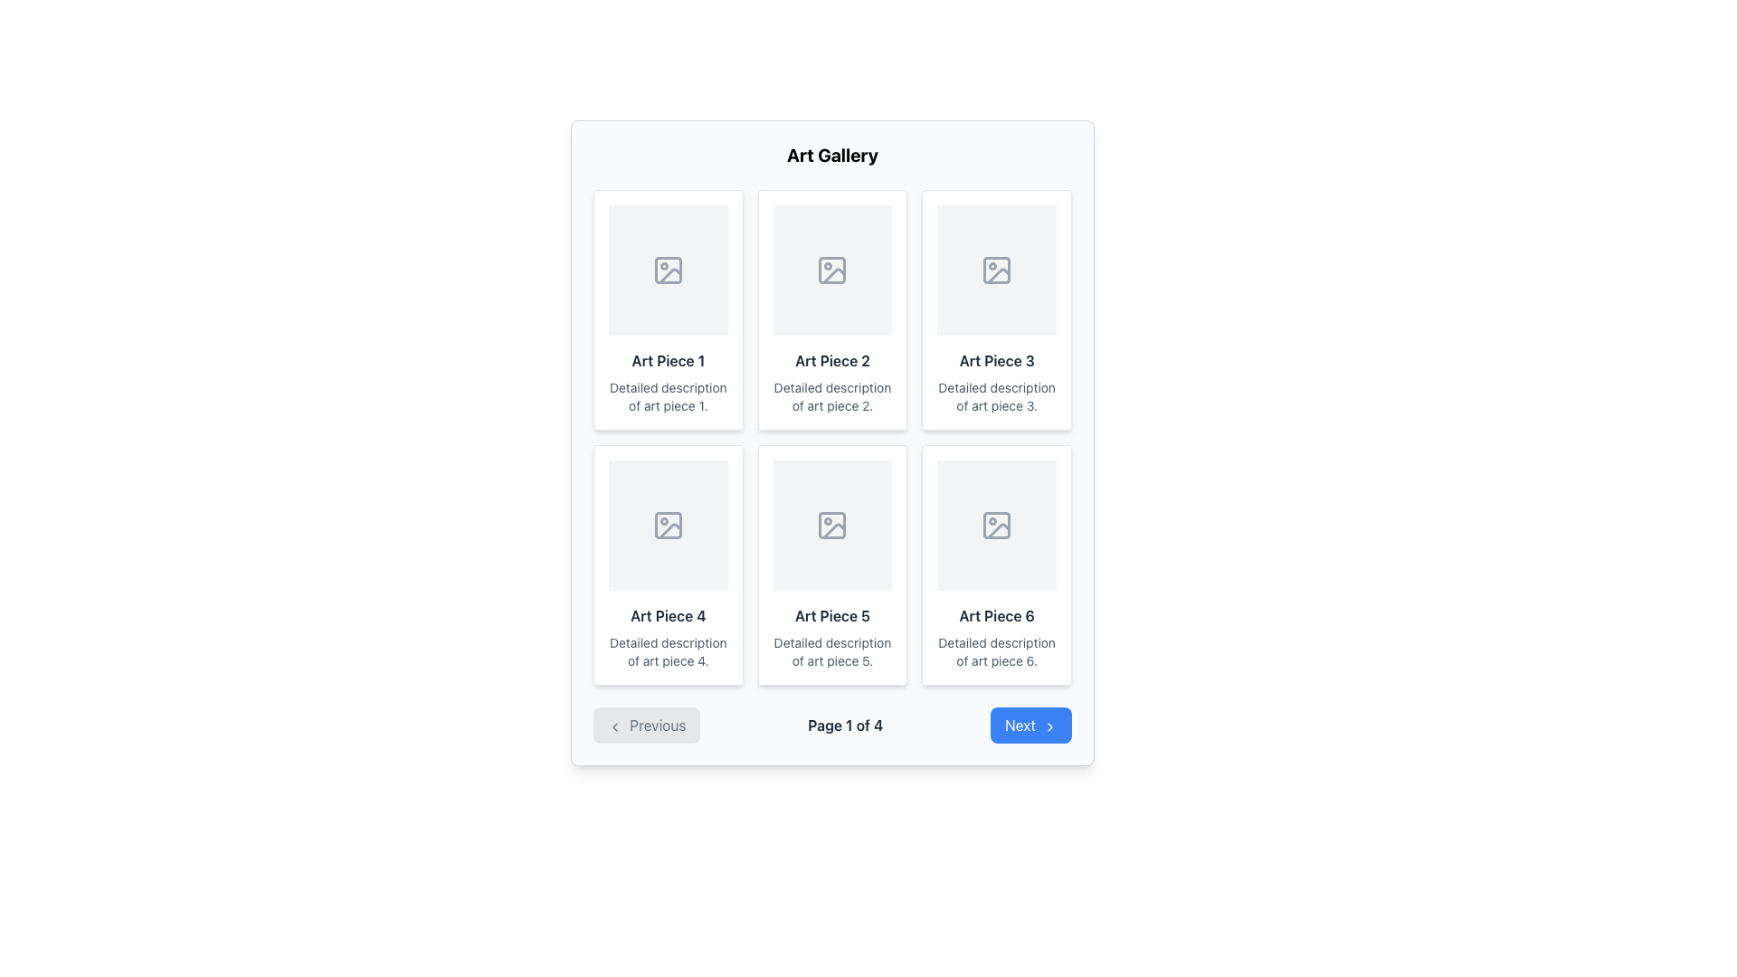 This screenshot has height=977, width=1737. Describe the element at coordinates (996, 526) in the screenshot. I see `the minimalistic image icon in the bottom-right placeholder of the grid, which features a rectangle with rounded corners, a circular shape symbolizing the sun, and a diagonal line suggesting a mountain` at that location.